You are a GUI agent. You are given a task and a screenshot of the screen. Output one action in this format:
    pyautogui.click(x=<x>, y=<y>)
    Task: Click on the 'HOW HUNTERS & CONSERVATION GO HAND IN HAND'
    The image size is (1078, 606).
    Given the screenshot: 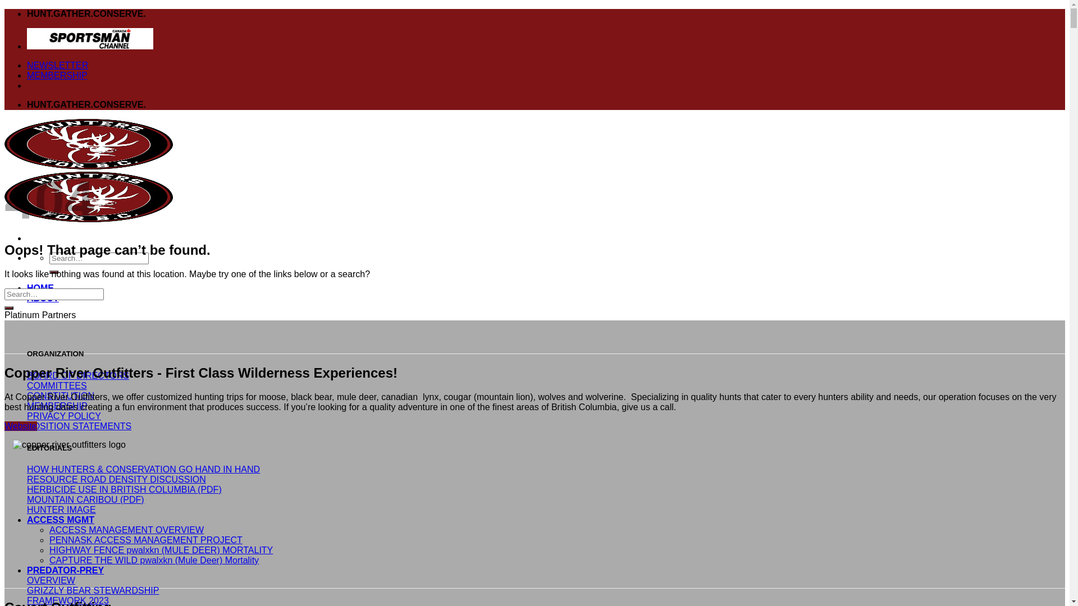 What is the action you would take?
    pyautogui.click(x=143, y=469)
    